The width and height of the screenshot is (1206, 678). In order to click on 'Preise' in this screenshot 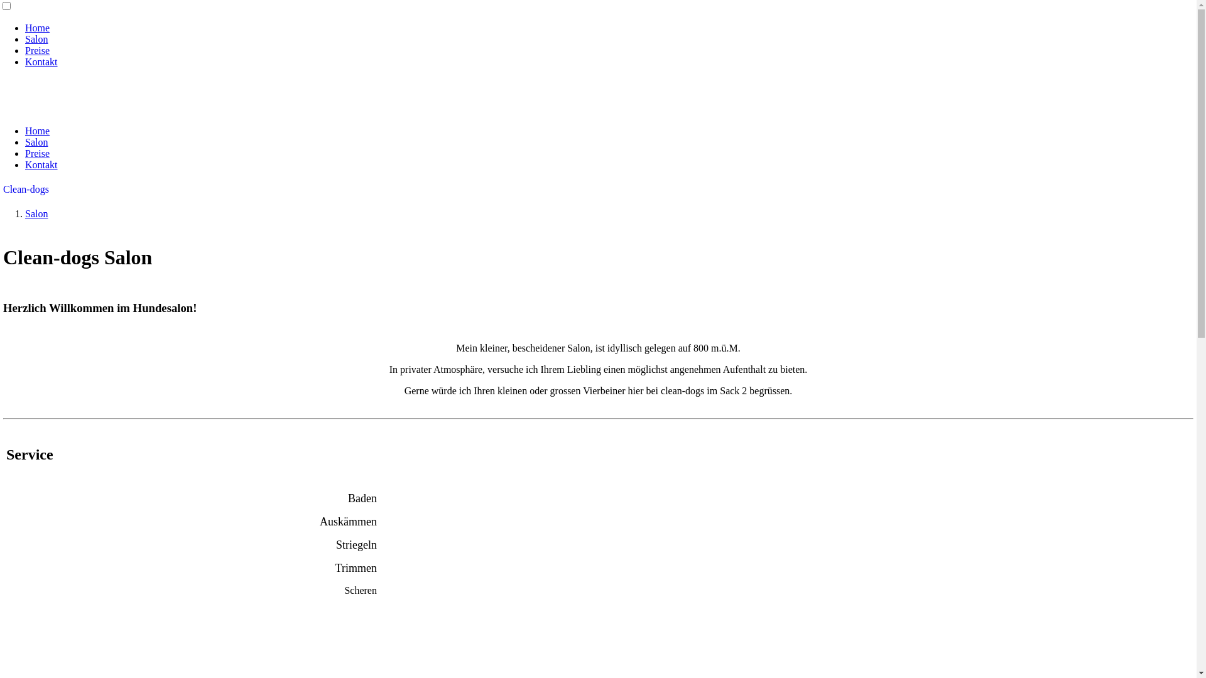, I will do `click(37, 50)`.